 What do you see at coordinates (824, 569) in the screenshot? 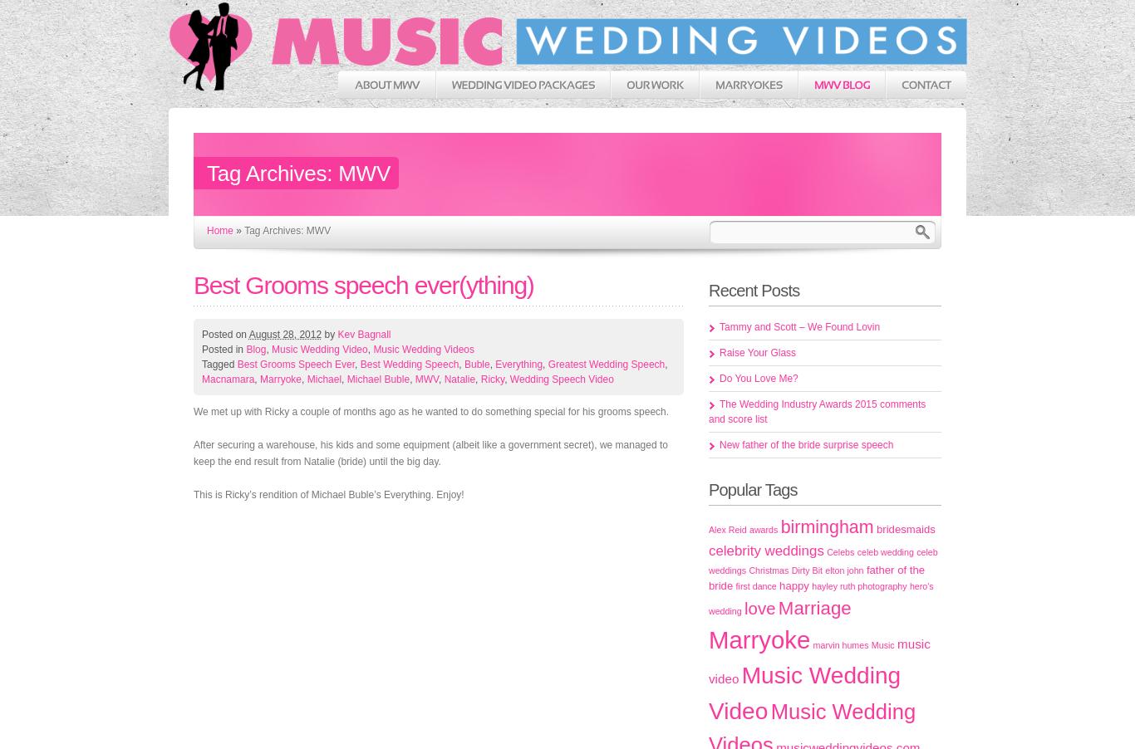
I see `'elton john'` at bounding box center [824, 569].